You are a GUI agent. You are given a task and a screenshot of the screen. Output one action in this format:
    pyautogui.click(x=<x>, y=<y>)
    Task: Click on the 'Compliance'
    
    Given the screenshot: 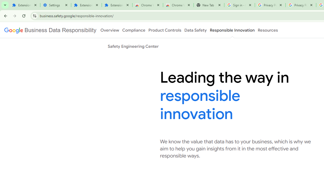 What is the action you would take?
    pyautogui.click(x=134, y=30)
    